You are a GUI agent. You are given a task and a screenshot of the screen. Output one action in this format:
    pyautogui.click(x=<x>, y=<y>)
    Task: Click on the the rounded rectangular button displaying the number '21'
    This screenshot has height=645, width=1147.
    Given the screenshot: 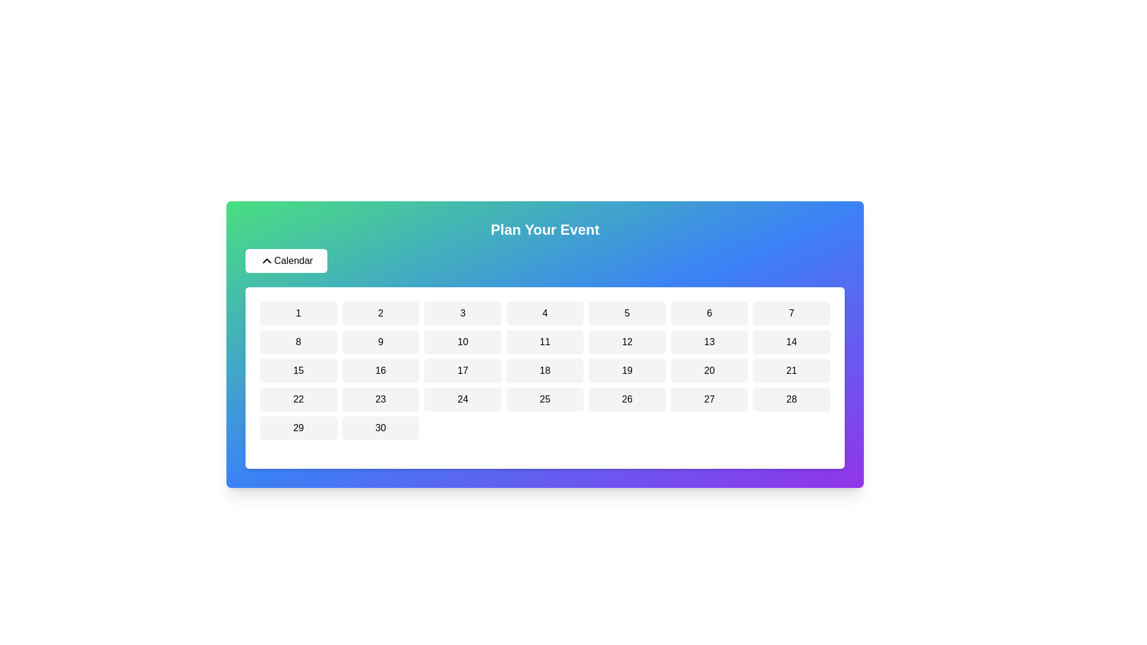 What is the action you would take?
    pyautogui.click(x=792, y=370)
    